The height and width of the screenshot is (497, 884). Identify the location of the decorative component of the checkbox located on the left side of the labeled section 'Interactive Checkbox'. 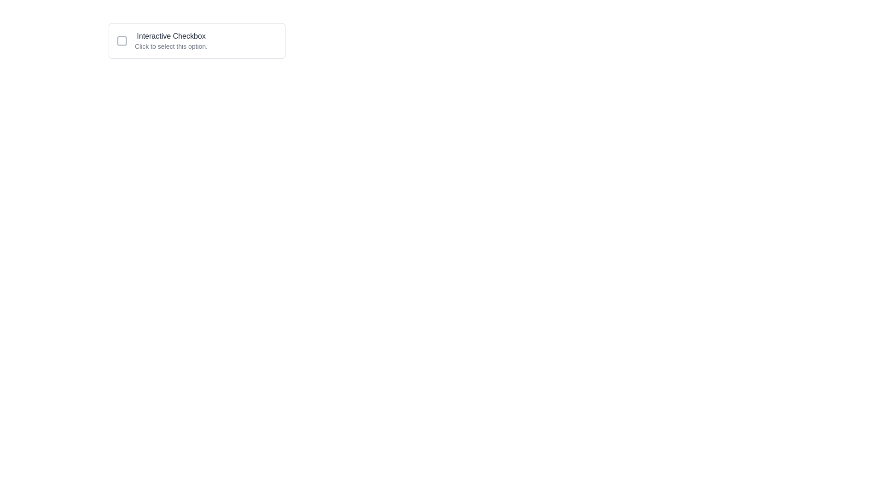
(121, 40).